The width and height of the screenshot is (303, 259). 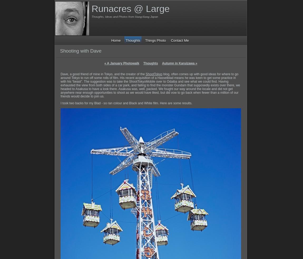 What do you see at coordinates (153, 74) in the screenshot?
I see `'ShootTokyo'` at bounding box center [153, 74].